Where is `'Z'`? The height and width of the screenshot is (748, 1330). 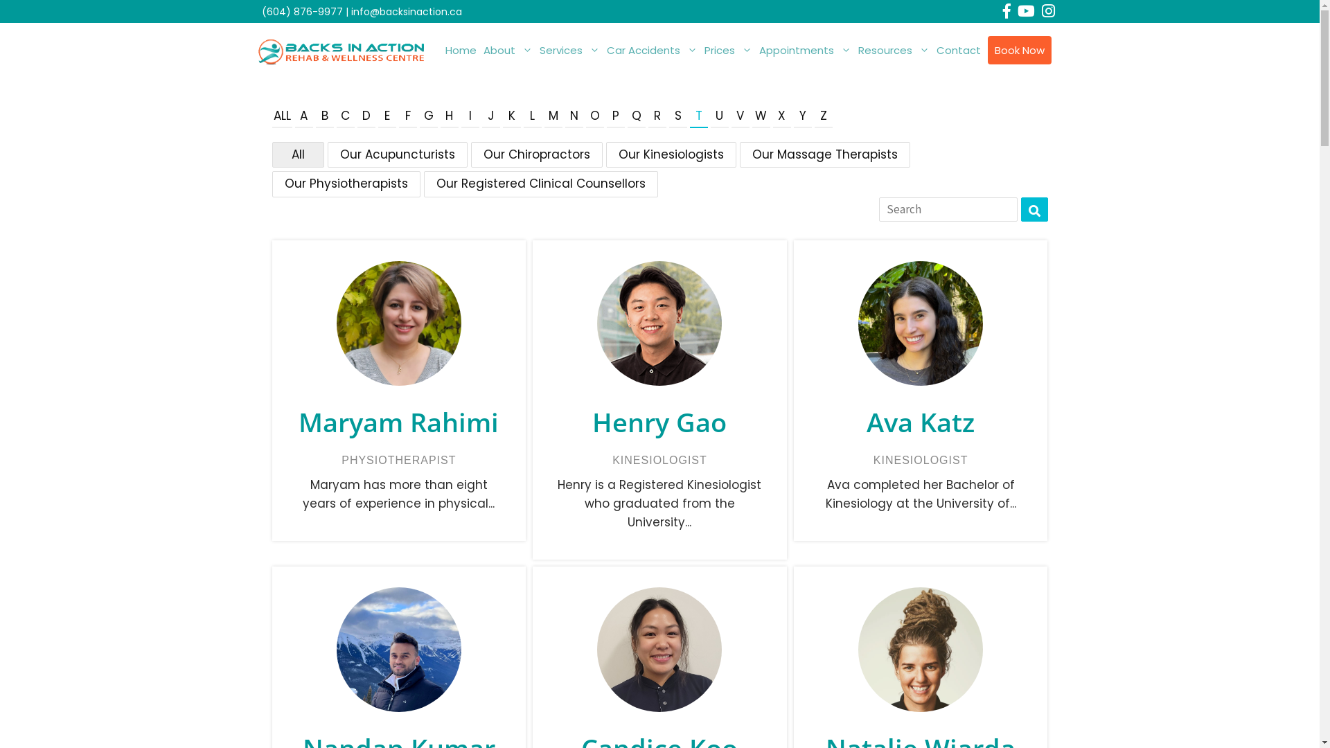
'Z' is located at coordinates (824, 116).